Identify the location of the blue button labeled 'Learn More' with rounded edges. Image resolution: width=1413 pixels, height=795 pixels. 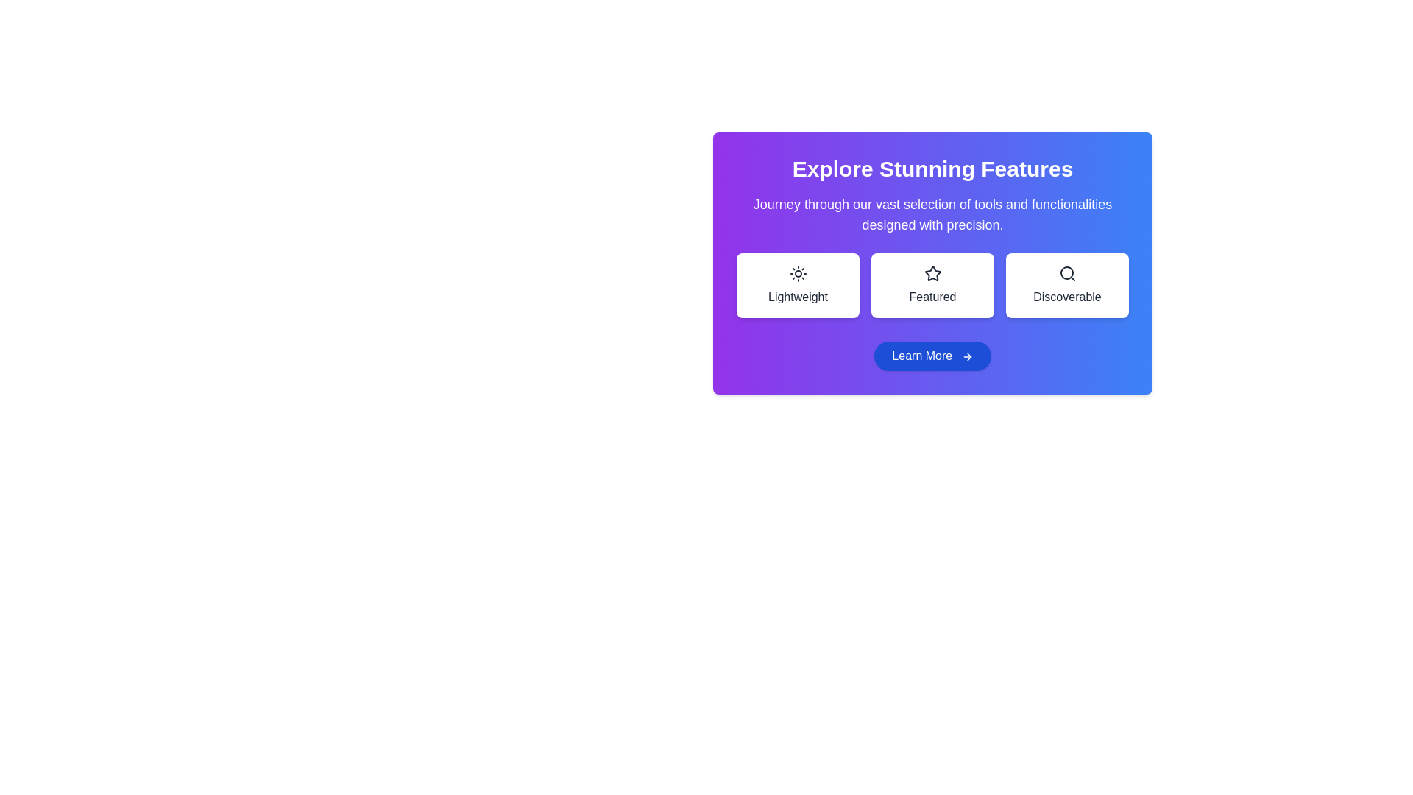
(932, 356).